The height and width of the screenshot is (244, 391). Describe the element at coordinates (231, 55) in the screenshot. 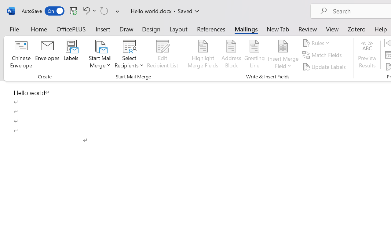

I see `'Address Block...'` at that location.